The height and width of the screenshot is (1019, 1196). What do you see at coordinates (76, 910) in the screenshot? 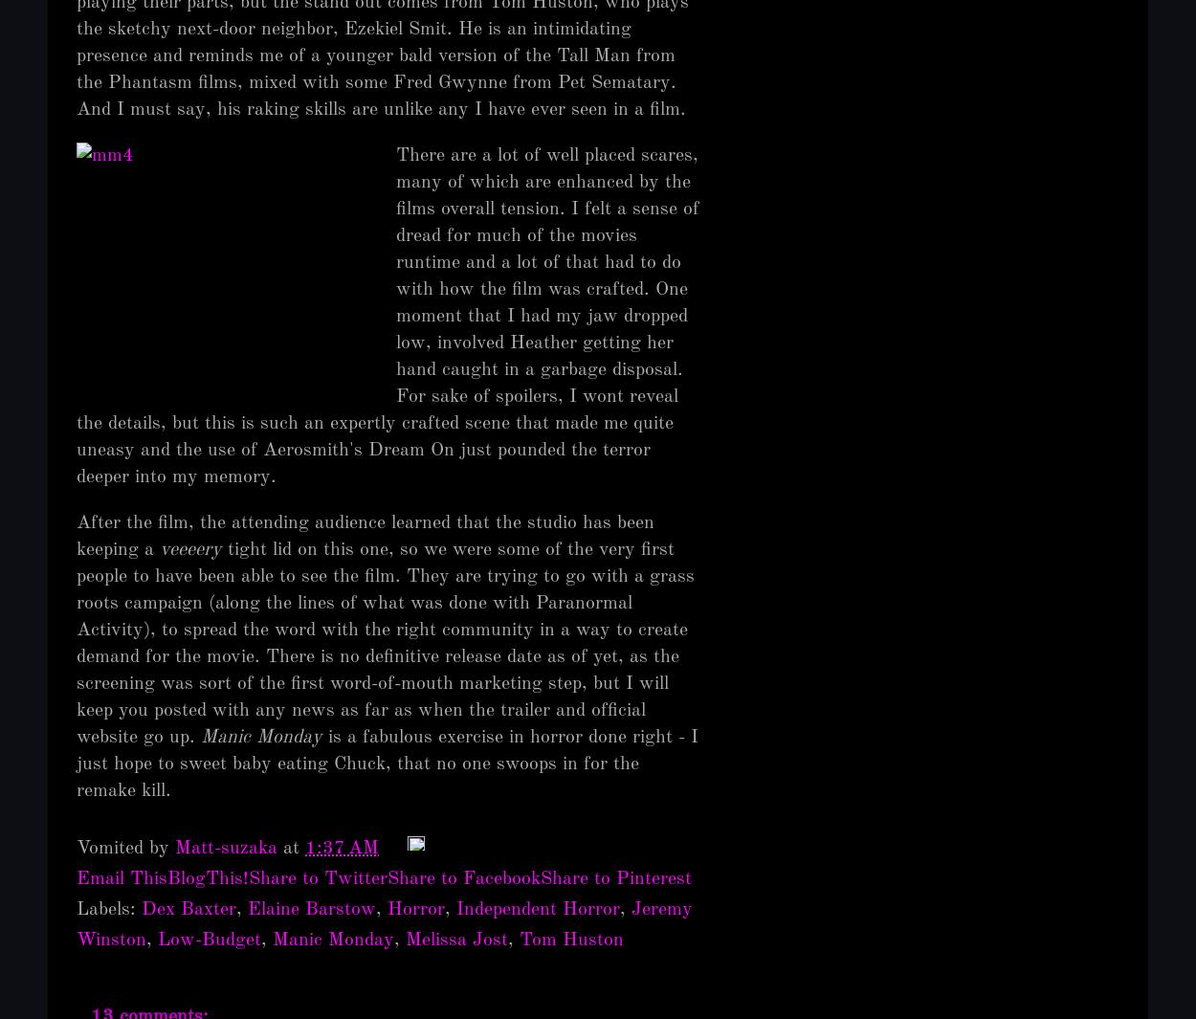
I see `'Labels:'` at bounding box center [76, 910].